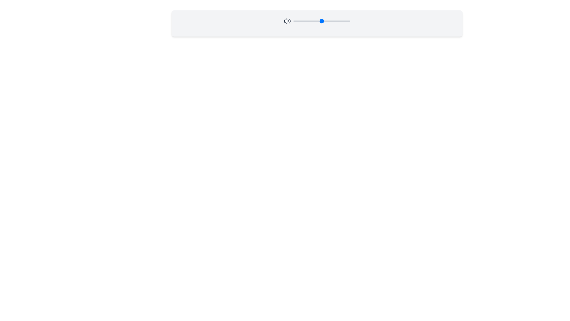  I want to click on the slider, so click(349, 21).